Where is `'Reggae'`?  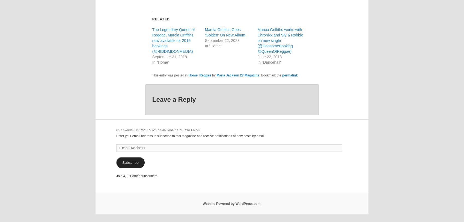
'Reggae' is located at coordinates (205, 75).